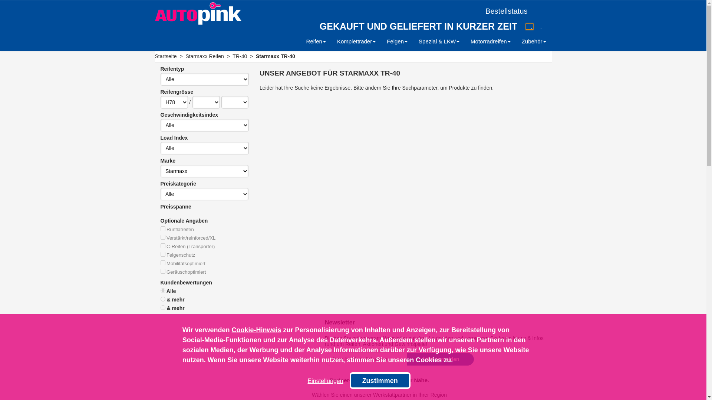  Describe the element at coordinates (326, 381) in the screenshot. I see `'Einstellungen'` at that location.